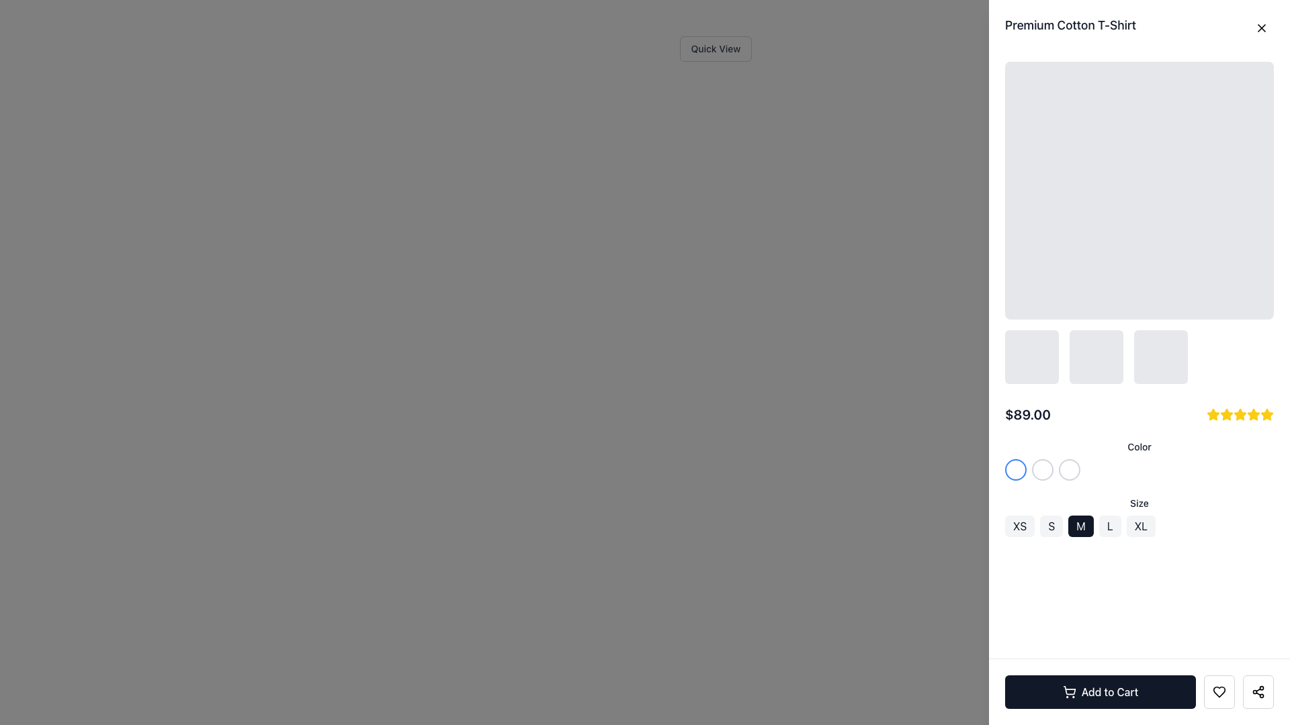 Image resolution: width=1290 pixels, height=725 pixels. I want to click on the rightmost button in the bottom section of the panel to share the product information, so click(1257, 691).